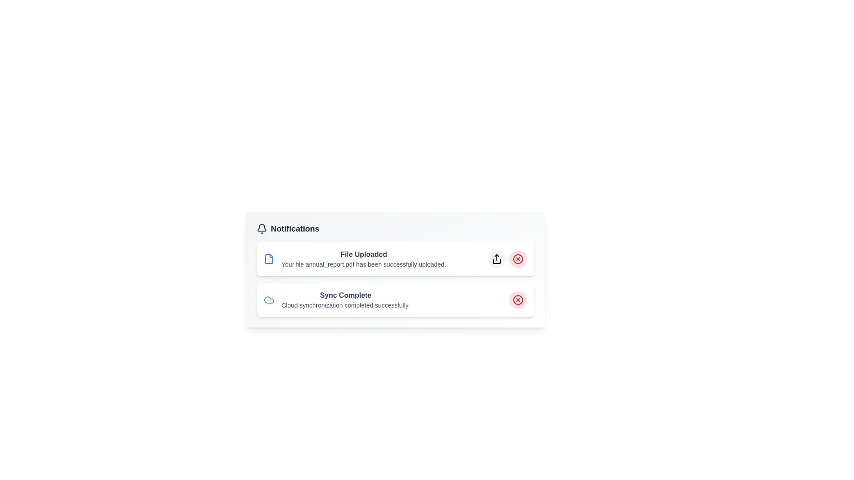  Describe the element at coordinates (262, 228) in the screenshot. I see `the SVG bell icon representing notifications, which is located to the left of the text 'Notifications'` at that location.